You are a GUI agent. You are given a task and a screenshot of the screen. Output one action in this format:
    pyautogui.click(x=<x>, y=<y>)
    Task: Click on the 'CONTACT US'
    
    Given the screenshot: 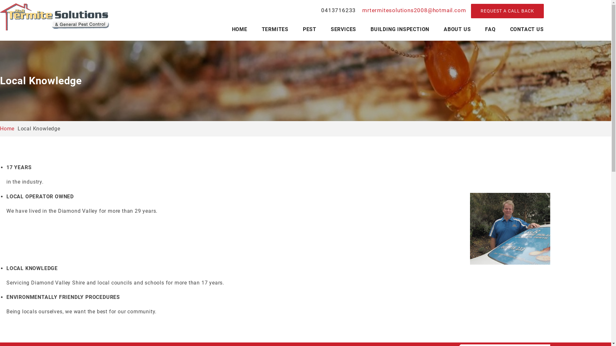 What is the action you would take?
    pyautogui.click(x=527, y=29)
    